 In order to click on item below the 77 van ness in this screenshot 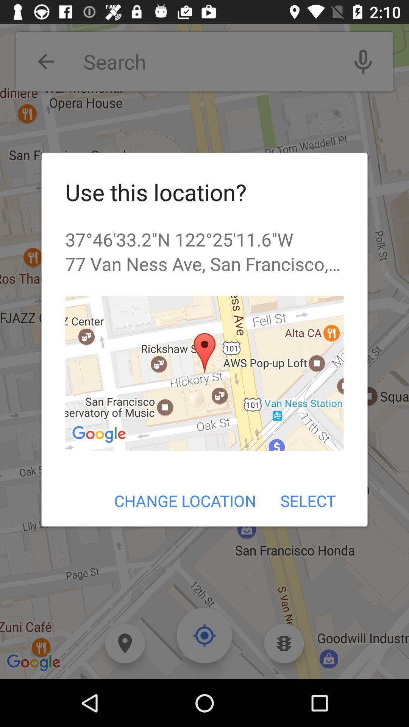, I will do `click(204, 373)`.